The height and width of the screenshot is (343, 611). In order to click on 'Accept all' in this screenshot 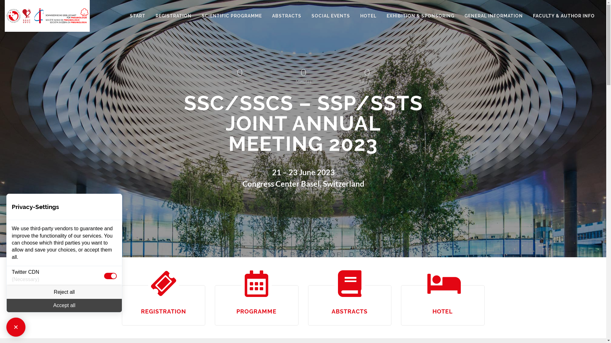, I will do `click(64, 305)`.